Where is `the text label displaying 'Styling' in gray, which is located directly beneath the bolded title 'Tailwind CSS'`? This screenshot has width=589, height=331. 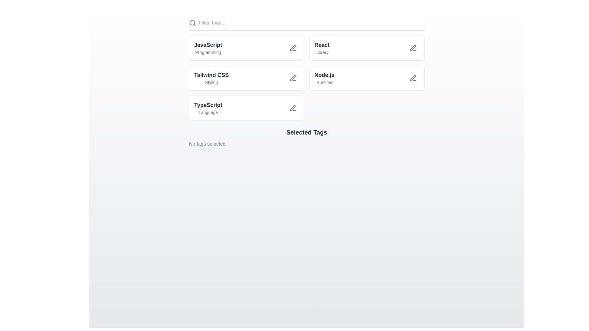
the text label displaying 'Styling' in gray, which is located directly beneath the bolded title 'Tailwind CSS' is located at coordinates (211, 82).